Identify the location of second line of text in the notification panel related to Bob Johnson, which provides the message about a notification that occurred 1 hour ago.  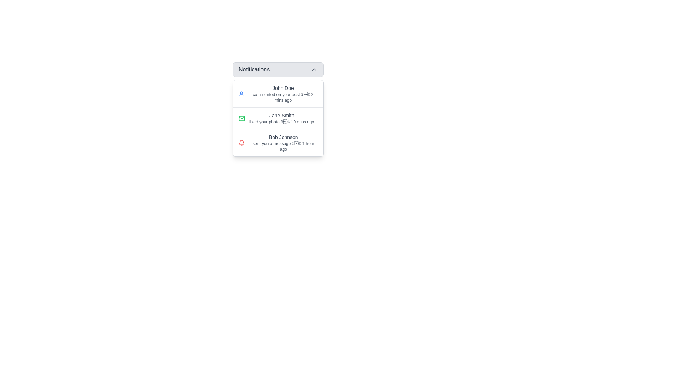
(283, 146).